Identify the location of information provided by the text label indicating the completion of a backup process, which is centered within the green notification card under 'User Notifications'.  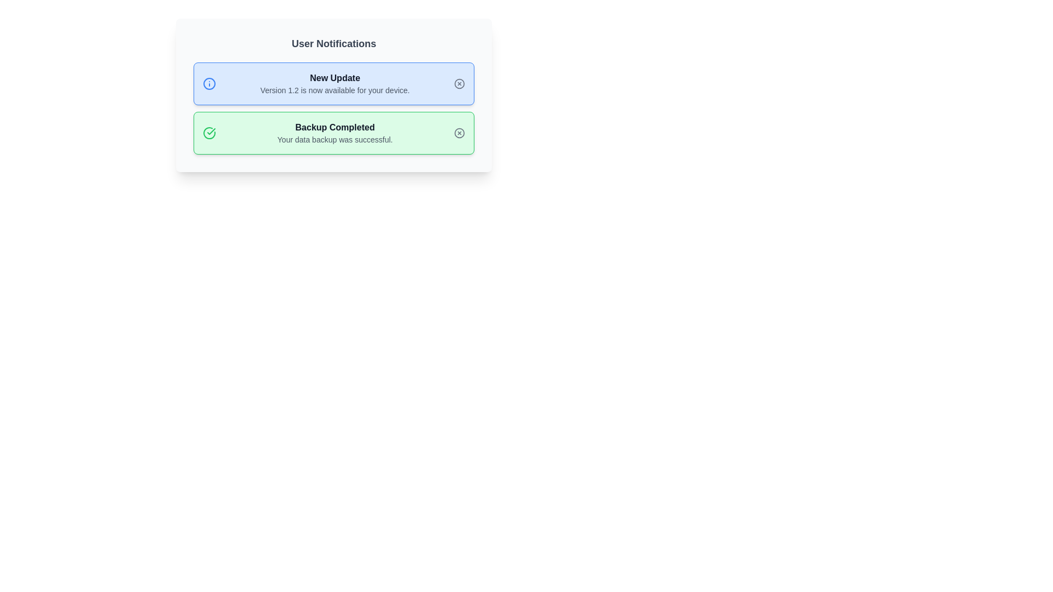
(334, 127).